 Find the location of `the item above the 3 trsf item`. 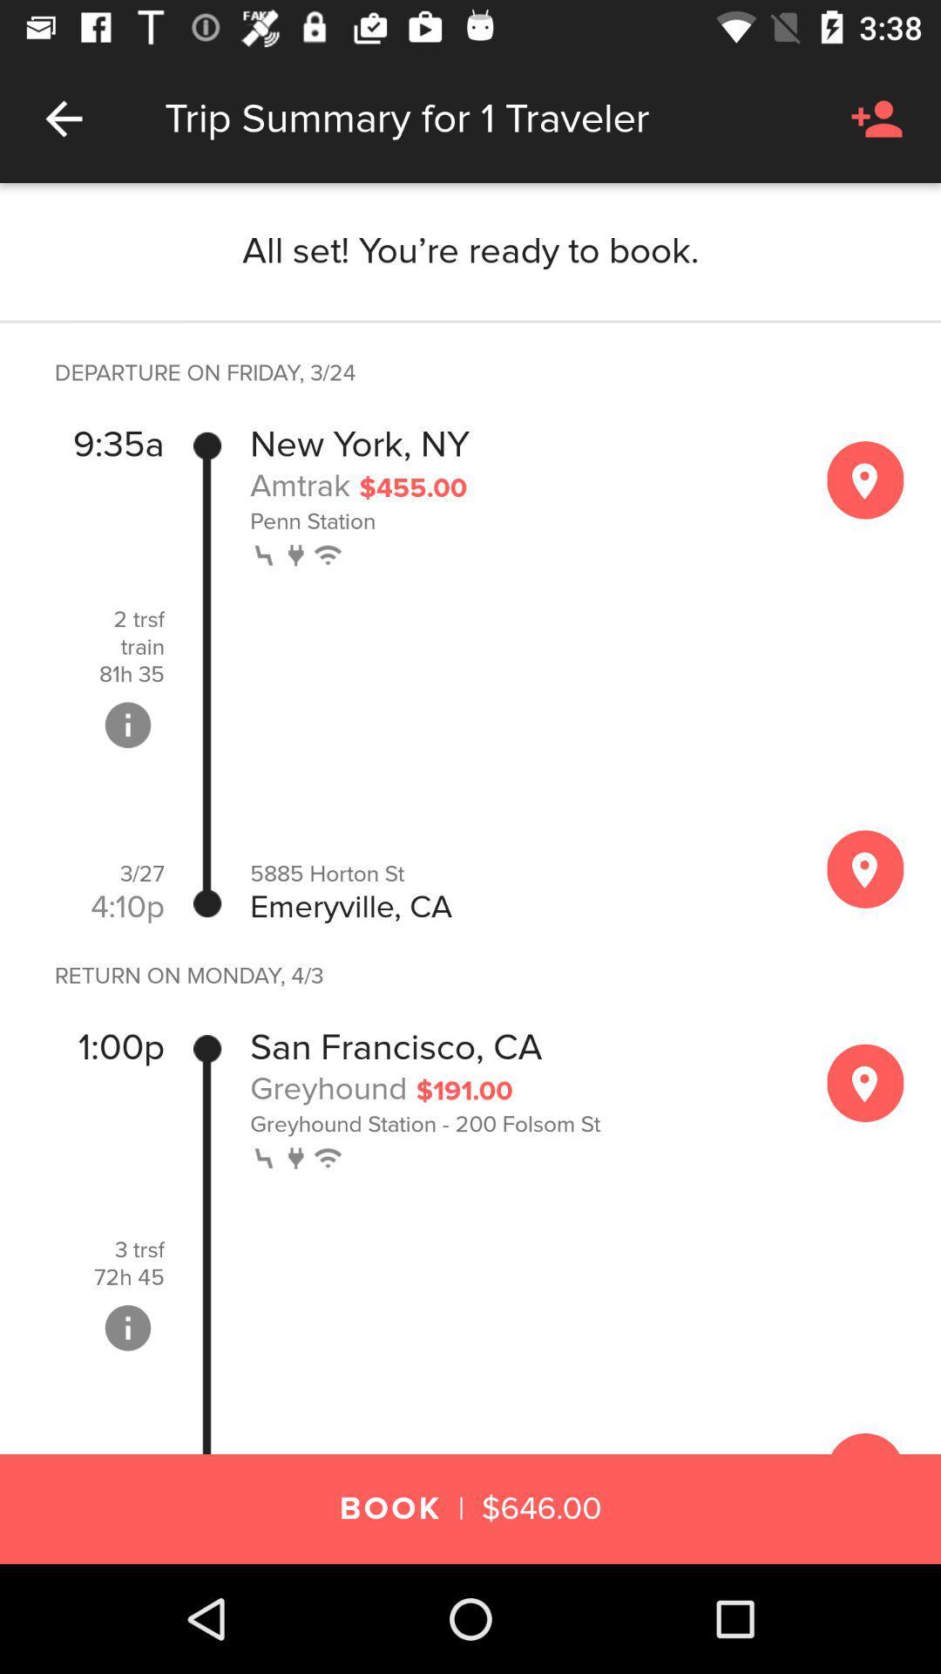

the item above the 3 trsf item is located at coordinates (120, 1046).